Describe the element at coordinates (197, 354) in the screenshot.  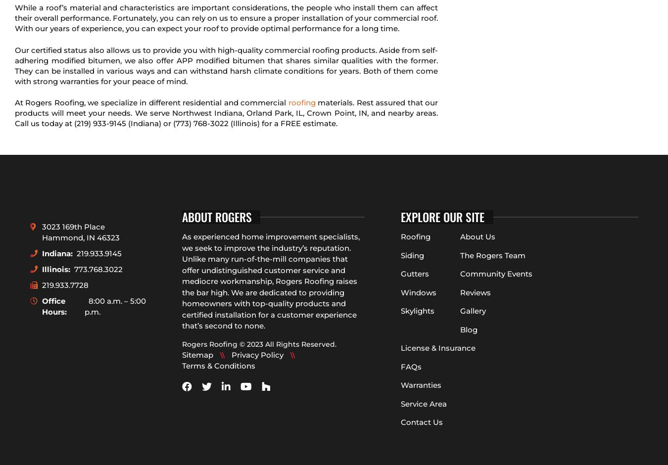
I see `'Sitemap'` at that location.